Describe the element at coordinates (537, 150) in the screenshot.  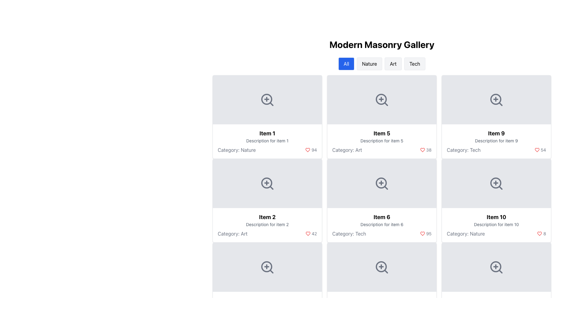
I see `the small red heart icon located in the details section of 'Item 9' to express liking for the item` at that location.